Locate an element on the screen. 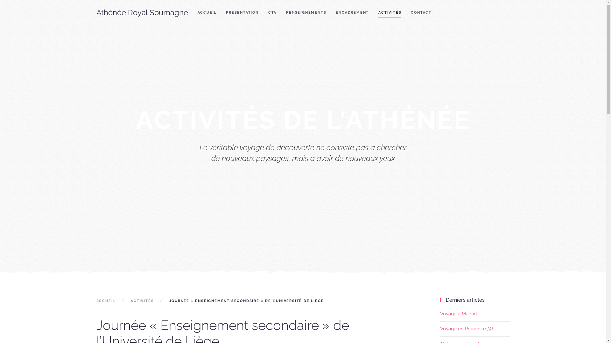 Image resolution: width=611 pixels, height=343 pixels. 'CONTACT' is located at coordinates (421, 12).